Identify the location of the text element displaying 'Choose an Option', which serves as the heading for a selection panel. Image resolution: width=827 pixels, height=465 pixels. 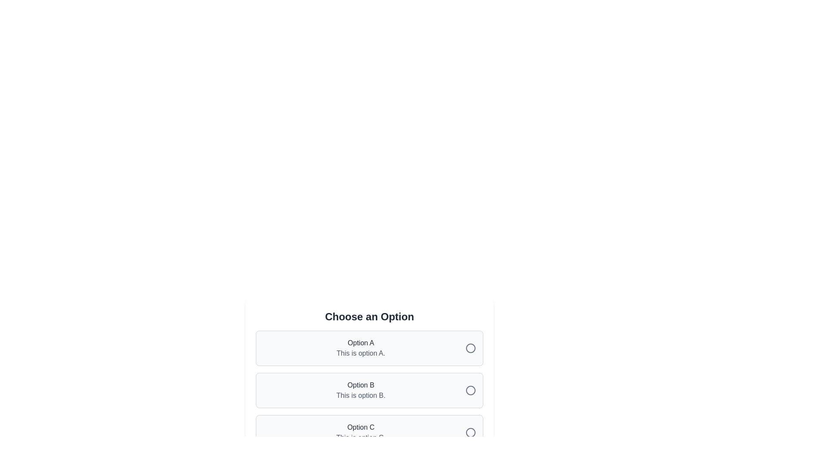
(370, 317).